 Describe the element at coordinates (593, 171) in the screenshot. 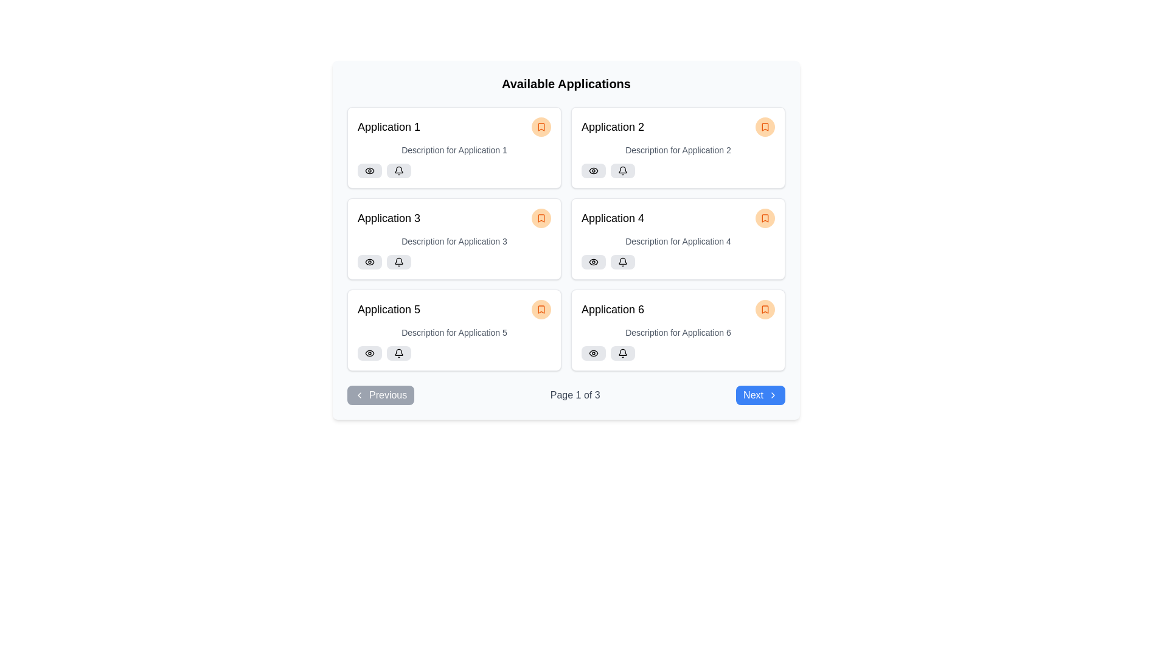

I see `the eye icon representing visibility settings for 'Application 2' located in the second row, first column of the grid layout` at that location.